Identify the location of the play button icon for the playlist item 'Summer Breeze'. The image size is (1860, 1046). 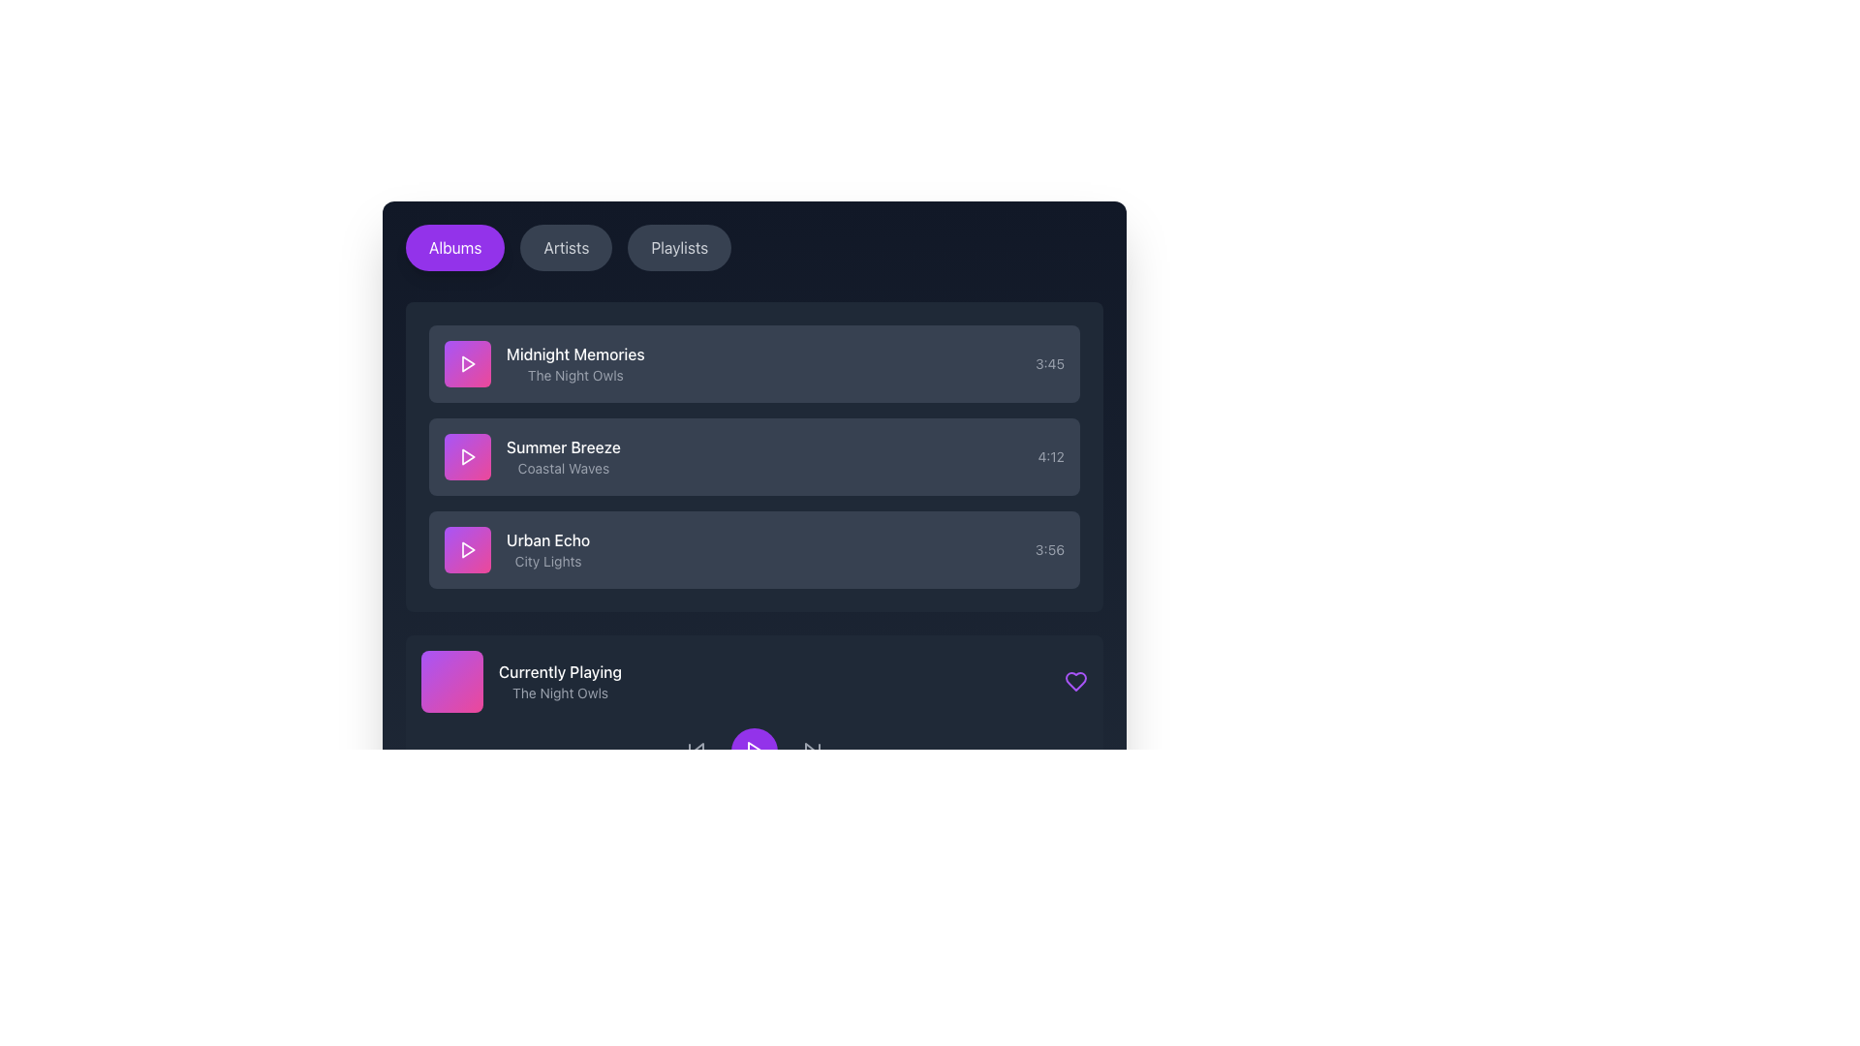
(468, 456).